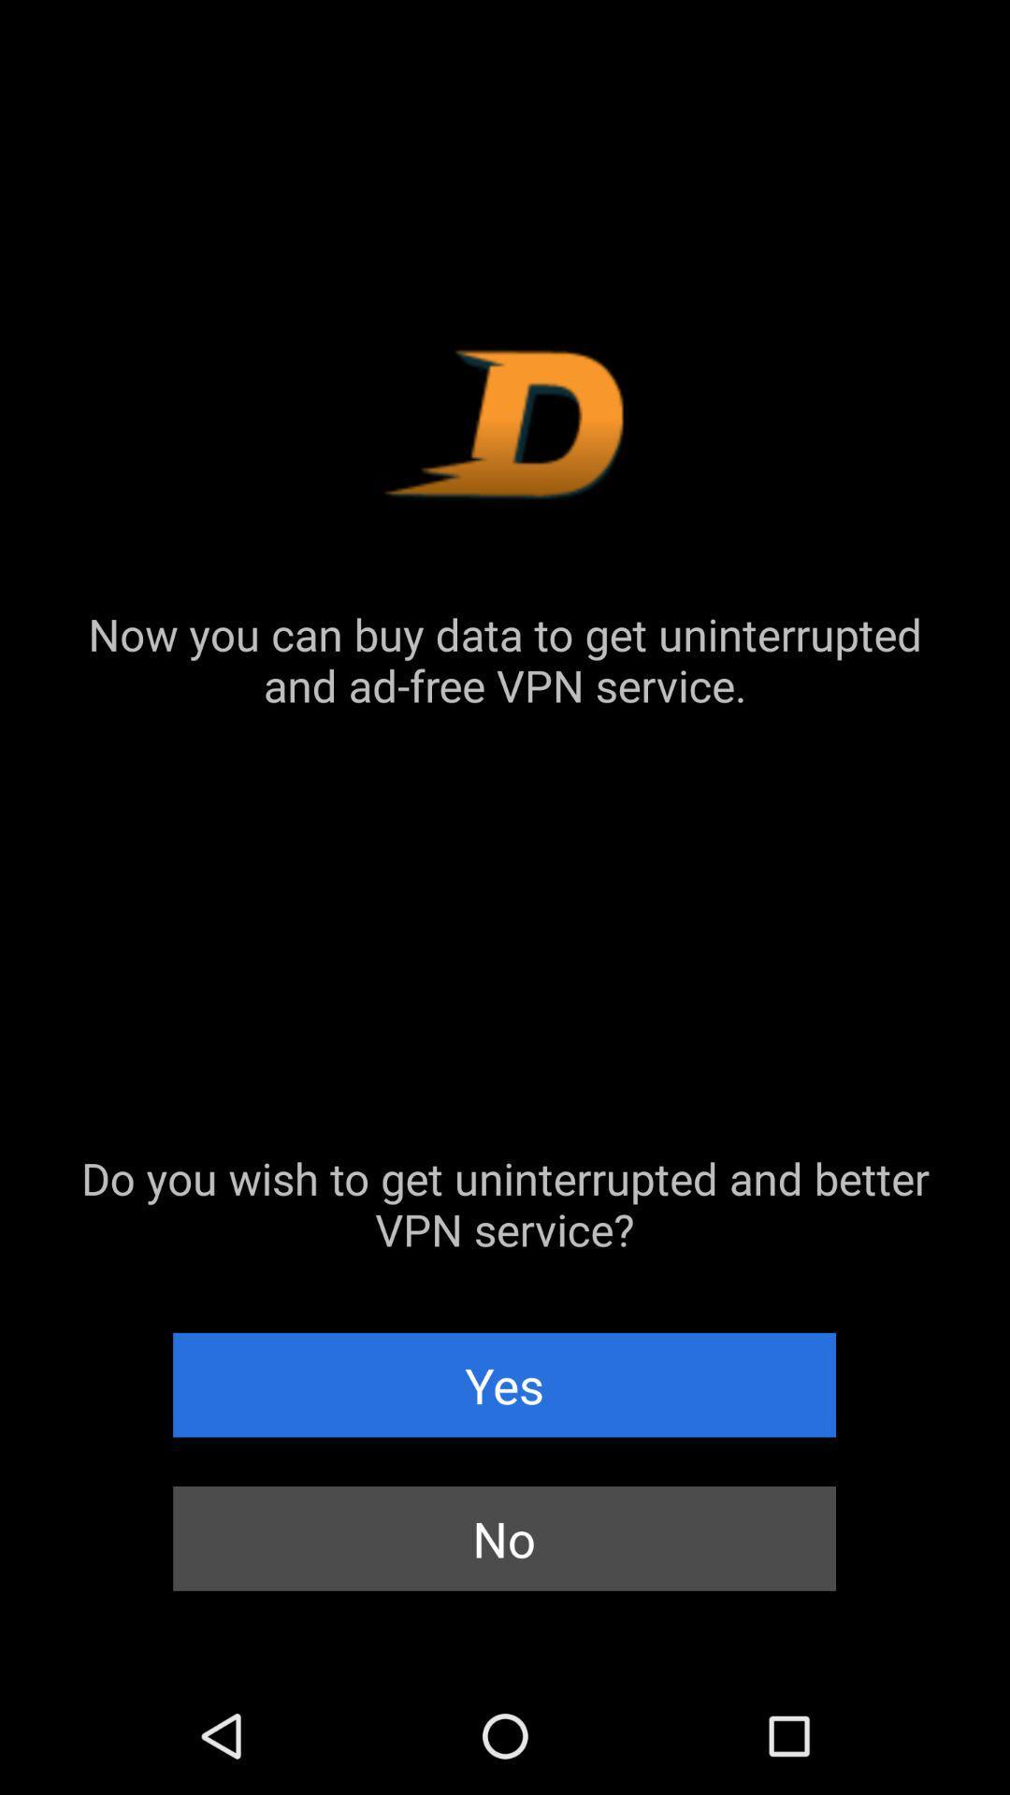 Image resolution: width=1010 pixels, height=1795 pixels. What do you see at coordinates (503, 1385) in the screenshot?
I see `the app below the do you wish item` at bounding box center [503, 1385].